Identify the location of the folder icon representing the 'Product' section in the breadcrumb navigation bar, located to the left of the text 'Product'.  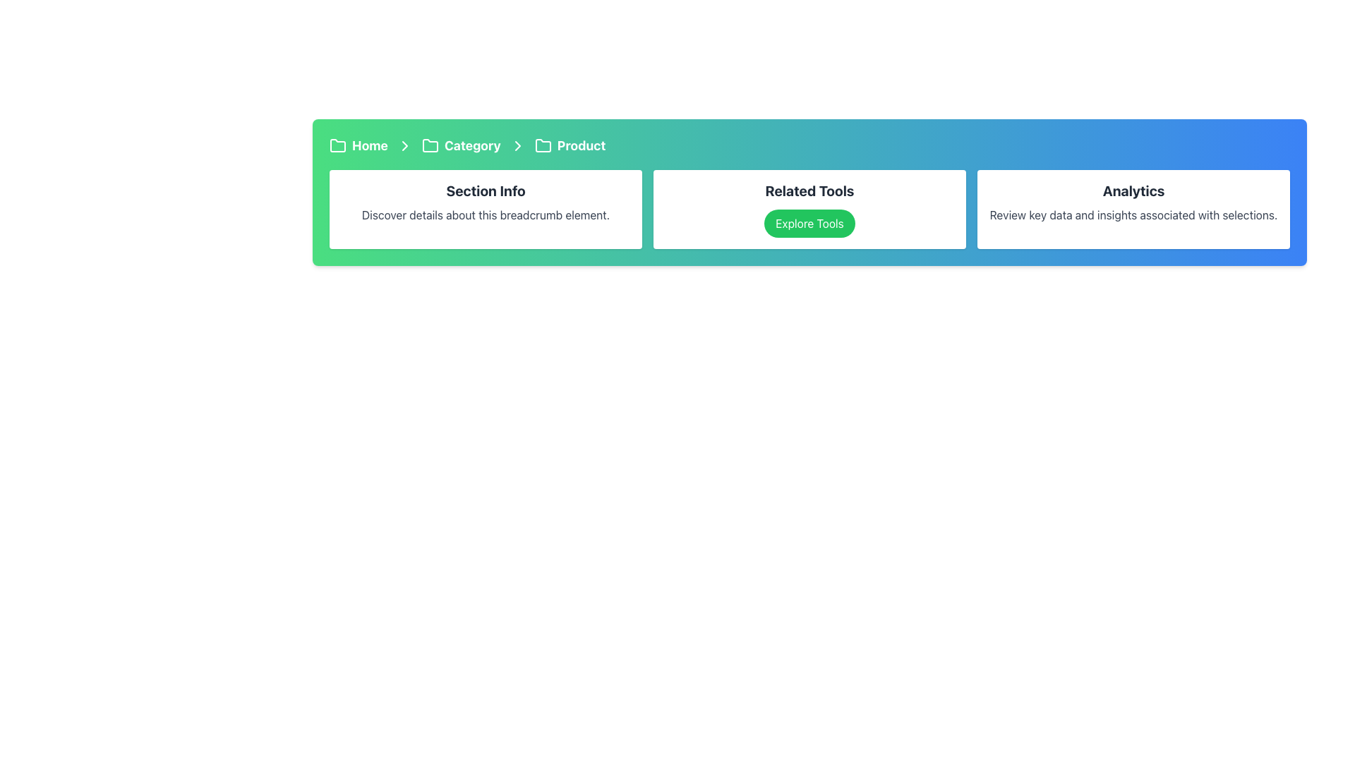
(542, 146).